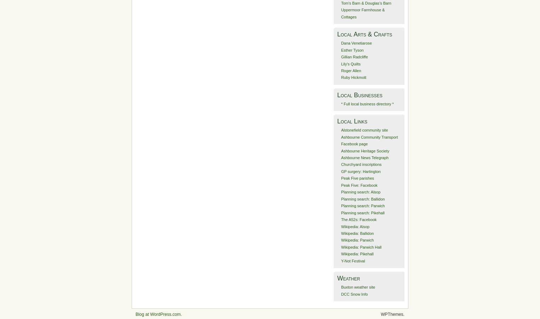  Describe the element at coordinates (361, 164) in the screenshot. I see `'Churchyard inscriptions'` at that location.